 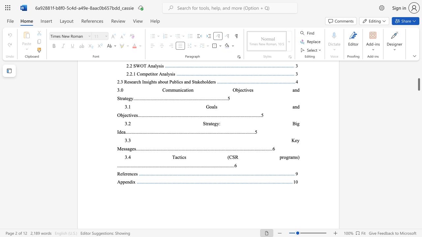 What do you see at coordinates (298, 140) in the screenshot?
I see `the 1th character "y" in the text` at bounding box center [298, 140].